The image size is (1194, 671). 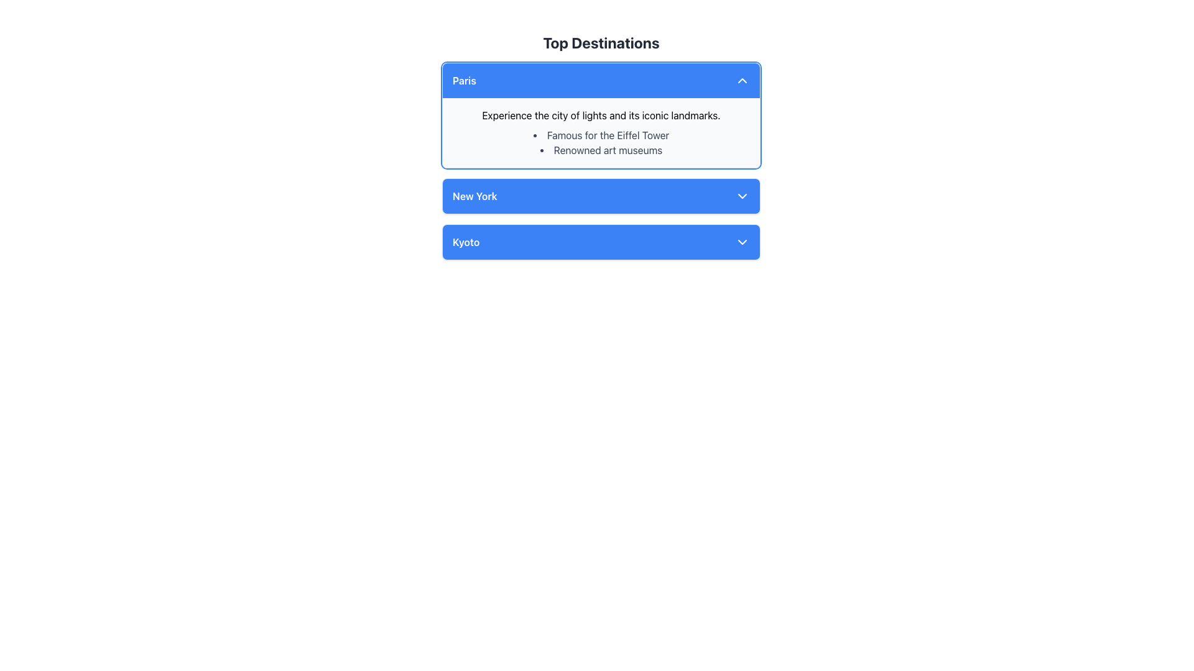 I want to click on the small chevron-up arrow icon with a blue background and white stroke located in the top-right corner of the 'Paris' section header, so click(x=743, y=81).